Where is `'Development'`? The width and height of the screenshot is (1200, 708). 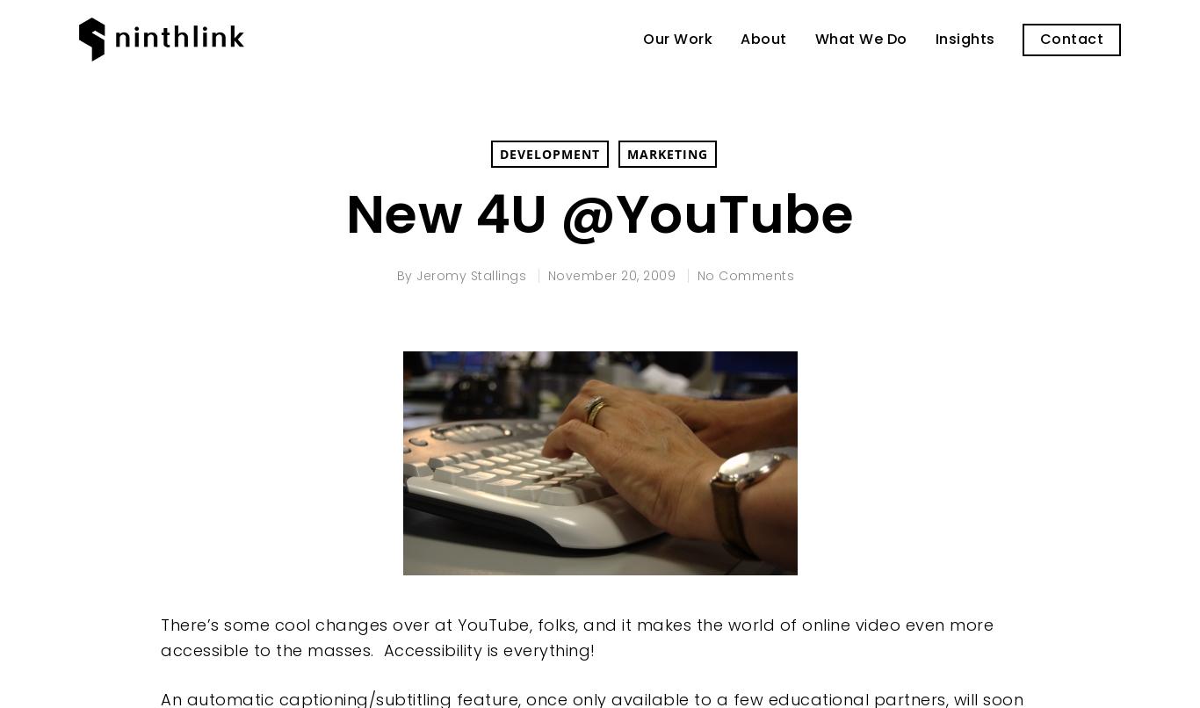 'Development' is located at coordinates (549, 154).